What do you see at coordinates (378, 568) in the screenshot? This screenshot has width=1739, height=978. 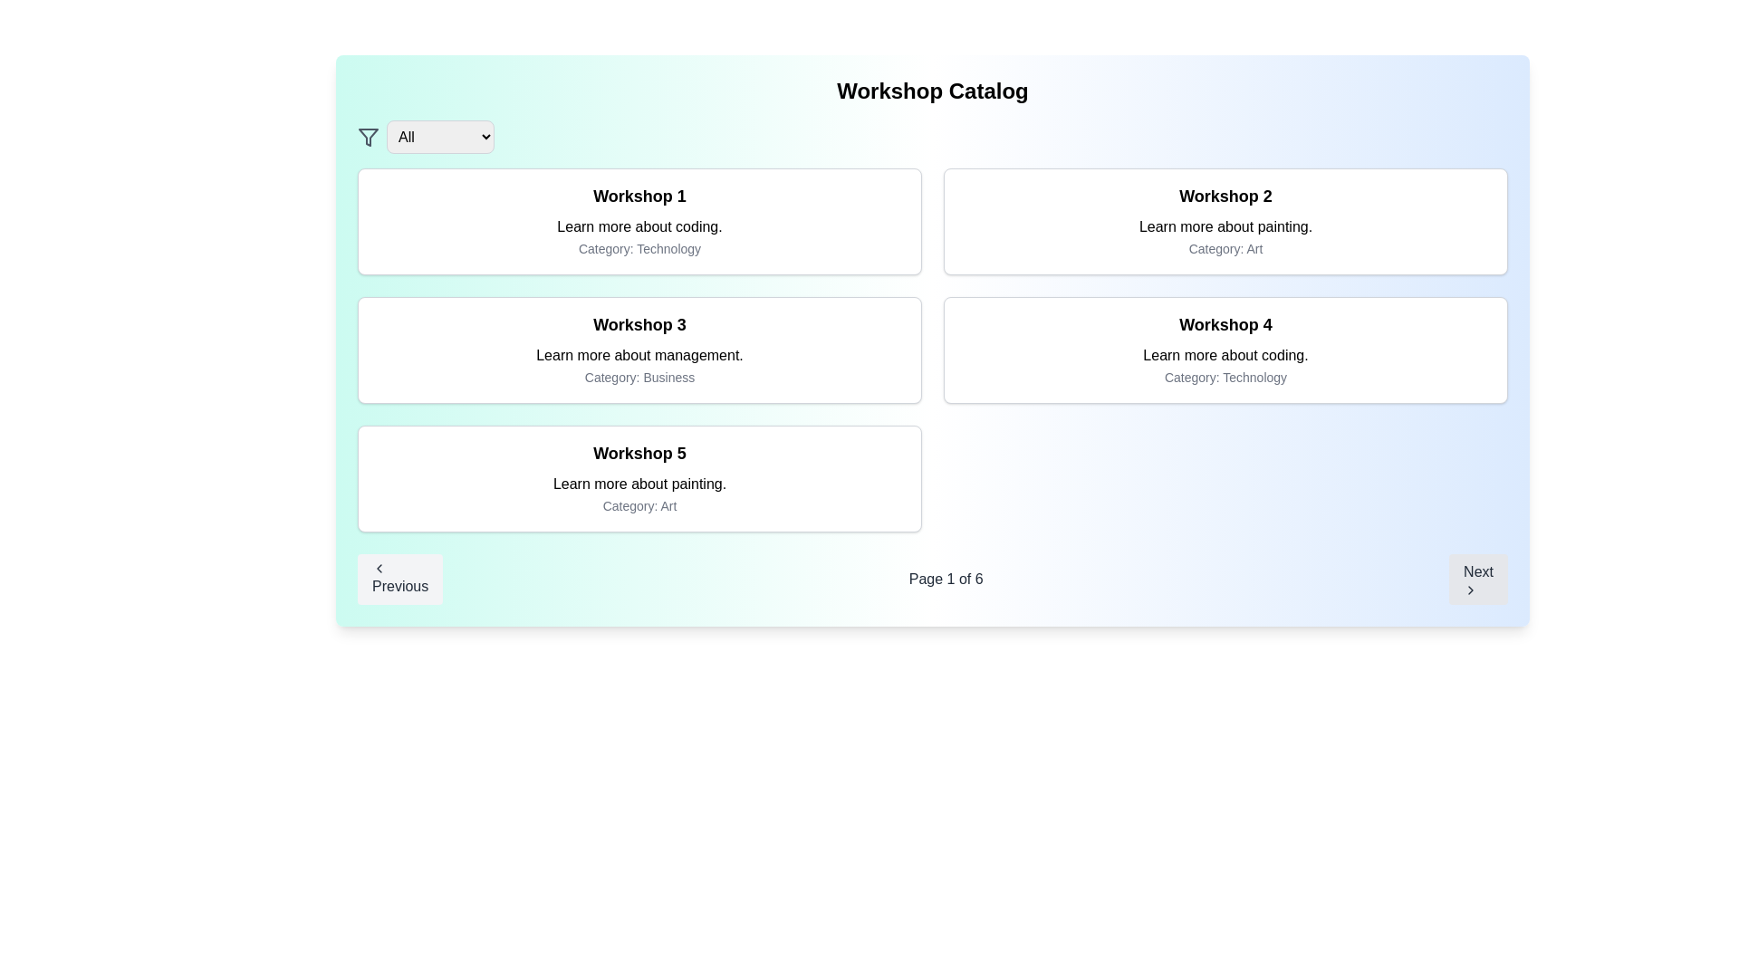 I see `the 'Previous' button located in the bottom-left corner of the interface, which contains the navigation icon` at bounding box center [378, 568].